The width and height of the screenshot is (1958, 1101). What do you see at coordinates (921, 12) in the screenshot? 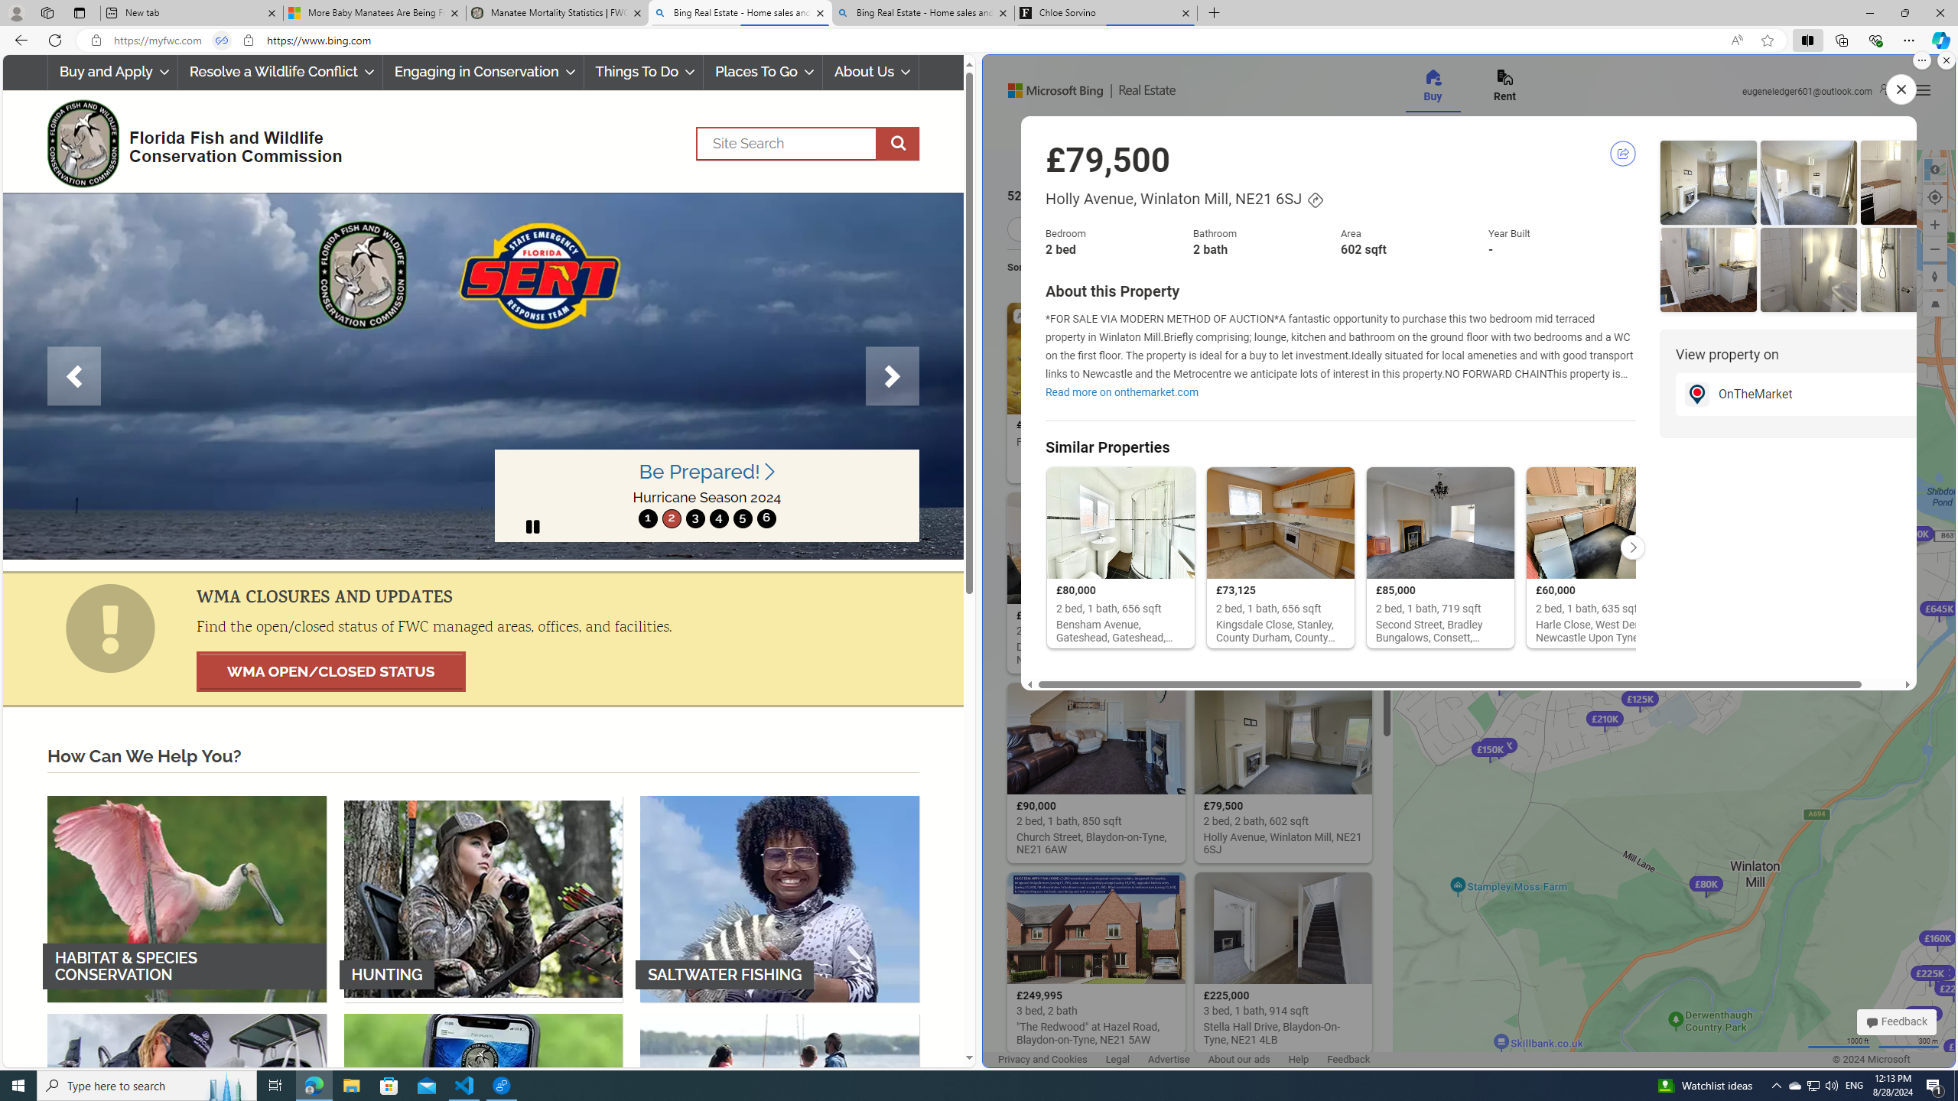
I see `'Bing Real Estate - Home sales and rental listings'` at bounding box center [921, 12].